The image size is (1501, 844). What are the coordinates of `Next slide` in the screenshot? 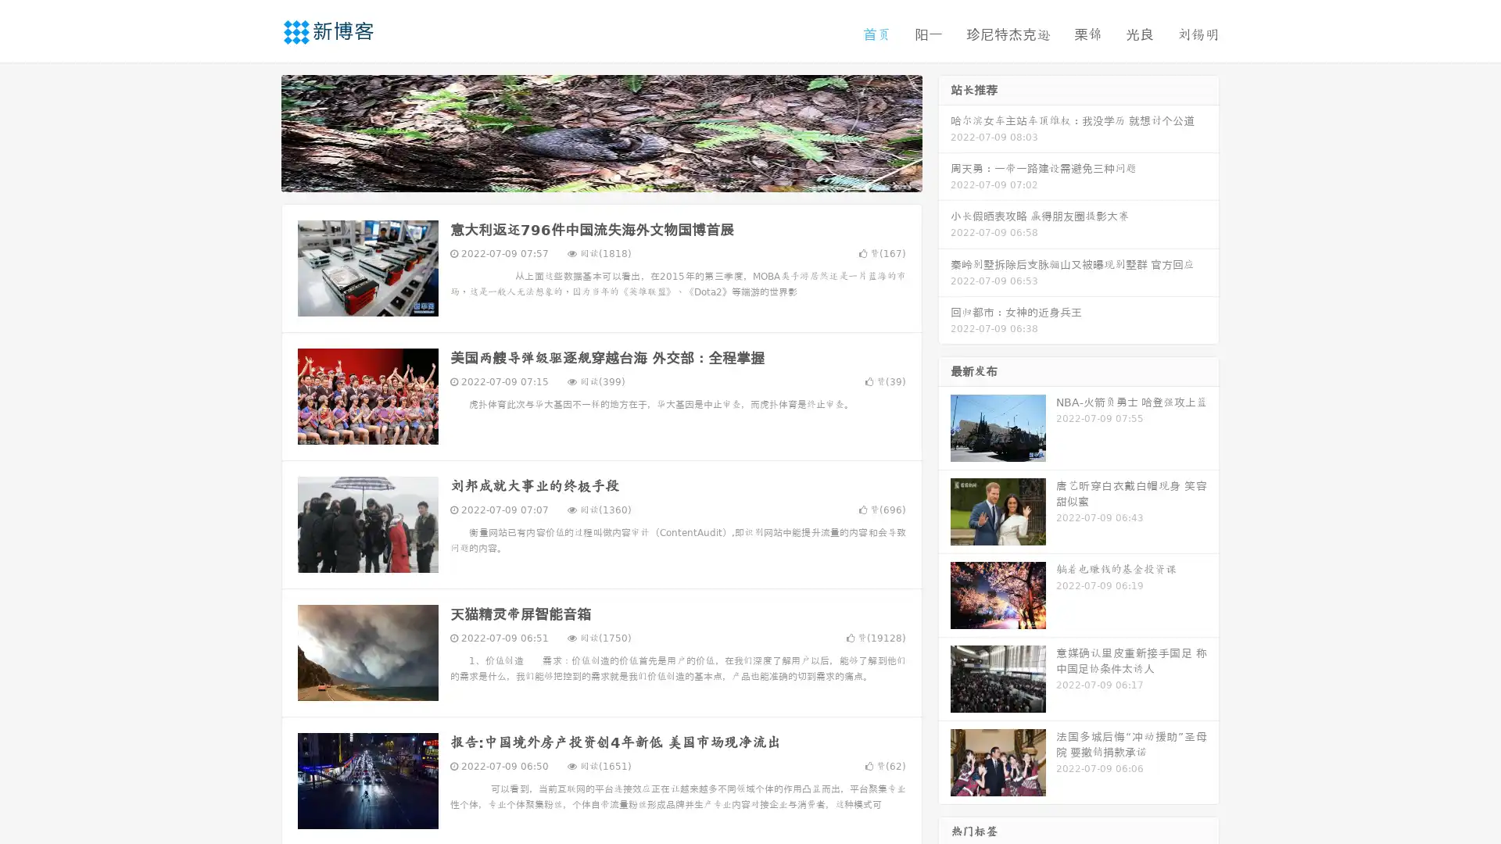 It's located at (944, 131).